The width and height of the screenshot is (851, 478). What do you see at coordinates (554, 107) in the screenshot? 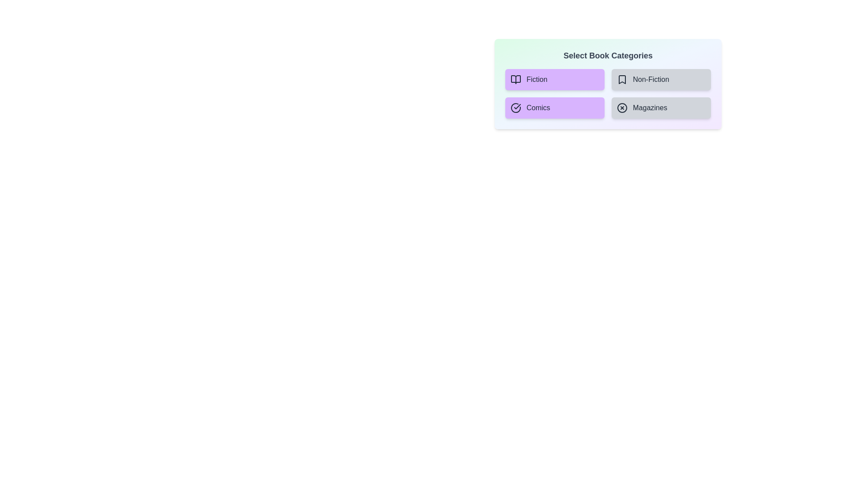
I see `the category Comics to see its hover effect` at bounding box center [554, 107].